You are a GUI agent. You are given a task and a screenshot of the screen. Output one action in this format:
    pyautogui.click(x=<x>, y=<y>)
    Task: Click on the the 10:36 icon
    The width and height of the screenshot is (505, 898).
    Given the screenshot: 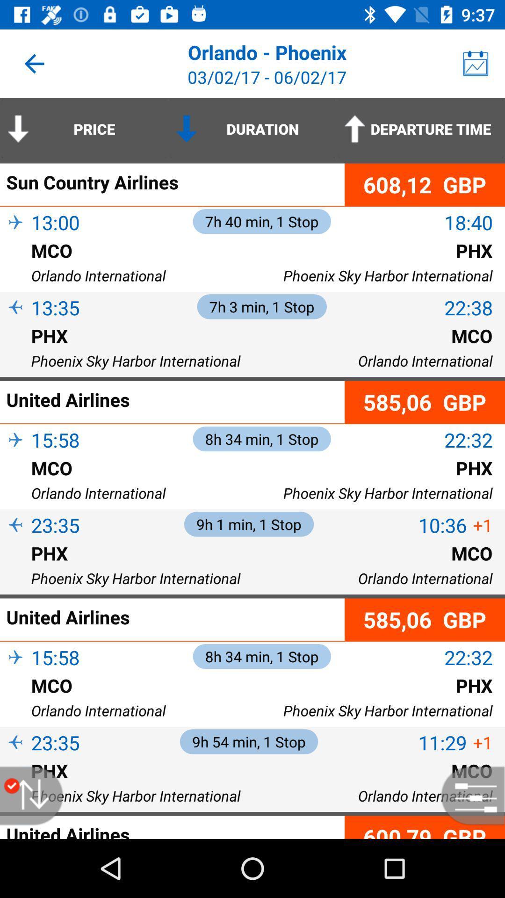 What is the action you would take?
    pyautogui.click(x=442, y=525)
    